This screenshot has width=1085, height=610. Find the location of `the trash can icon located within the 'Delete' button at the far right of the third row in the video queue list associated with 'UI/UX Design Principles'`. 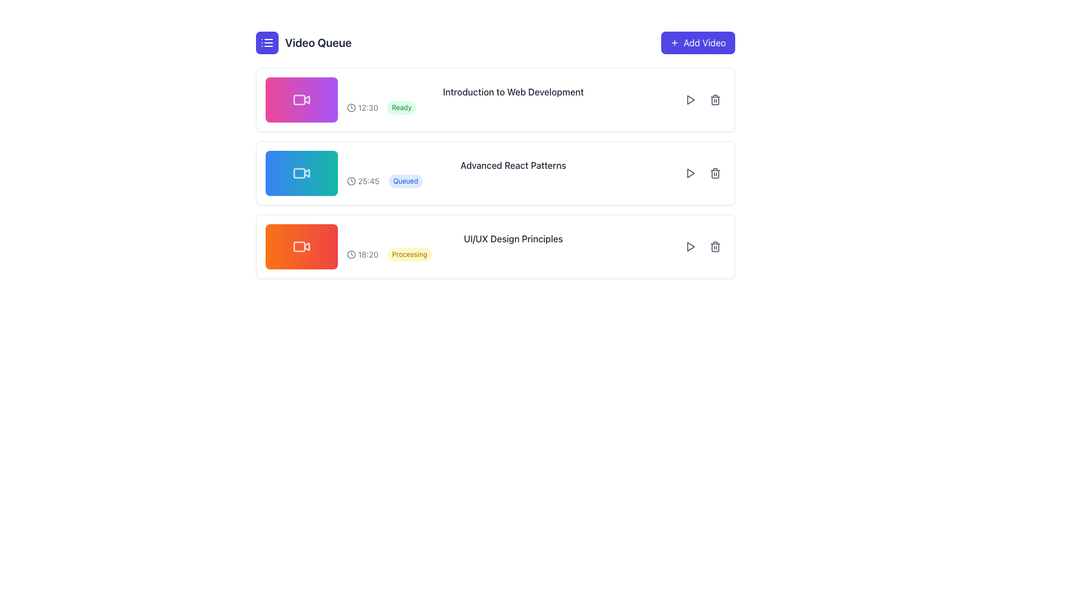

the trash can icon located within the 'Delete' button at the far right of the third row in the video queue list associated with 'UI/UX Design Principles' is located at coordinates (714, 246).